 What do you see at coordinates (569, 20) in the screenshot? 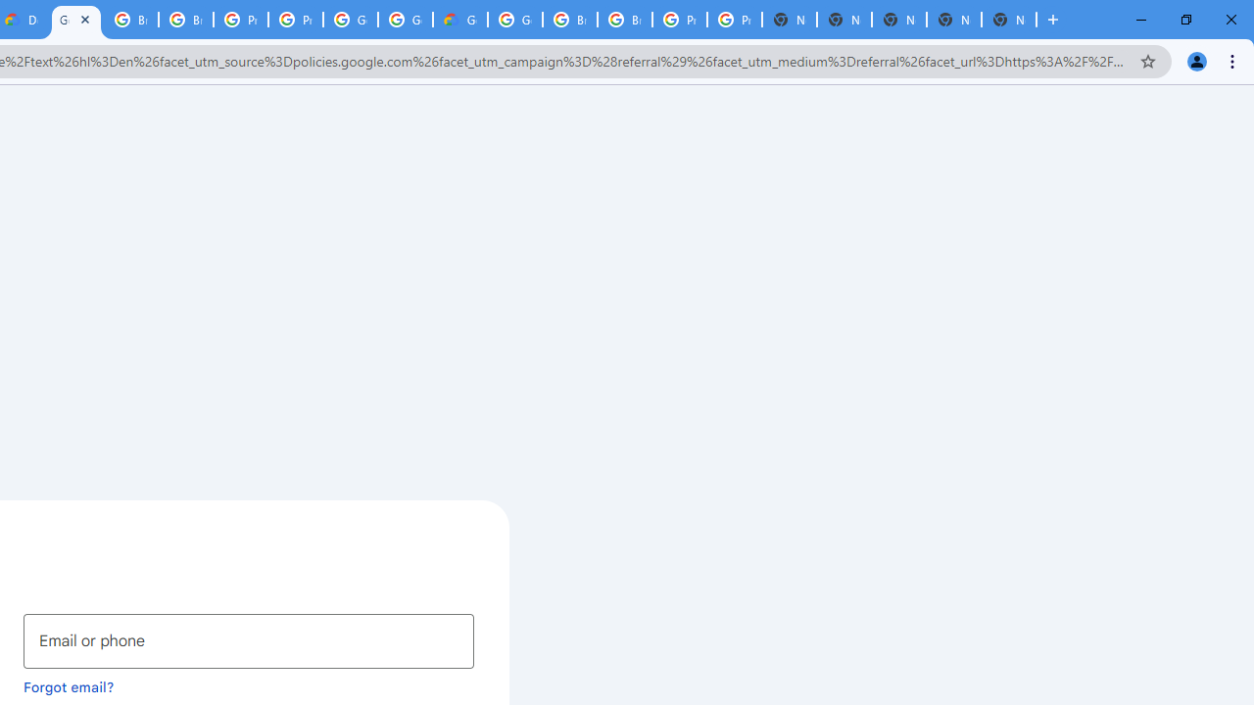
I see `'Browse Chrome as a guest - Computer - Google Chrome Help'` at bounding box center [569, 20].